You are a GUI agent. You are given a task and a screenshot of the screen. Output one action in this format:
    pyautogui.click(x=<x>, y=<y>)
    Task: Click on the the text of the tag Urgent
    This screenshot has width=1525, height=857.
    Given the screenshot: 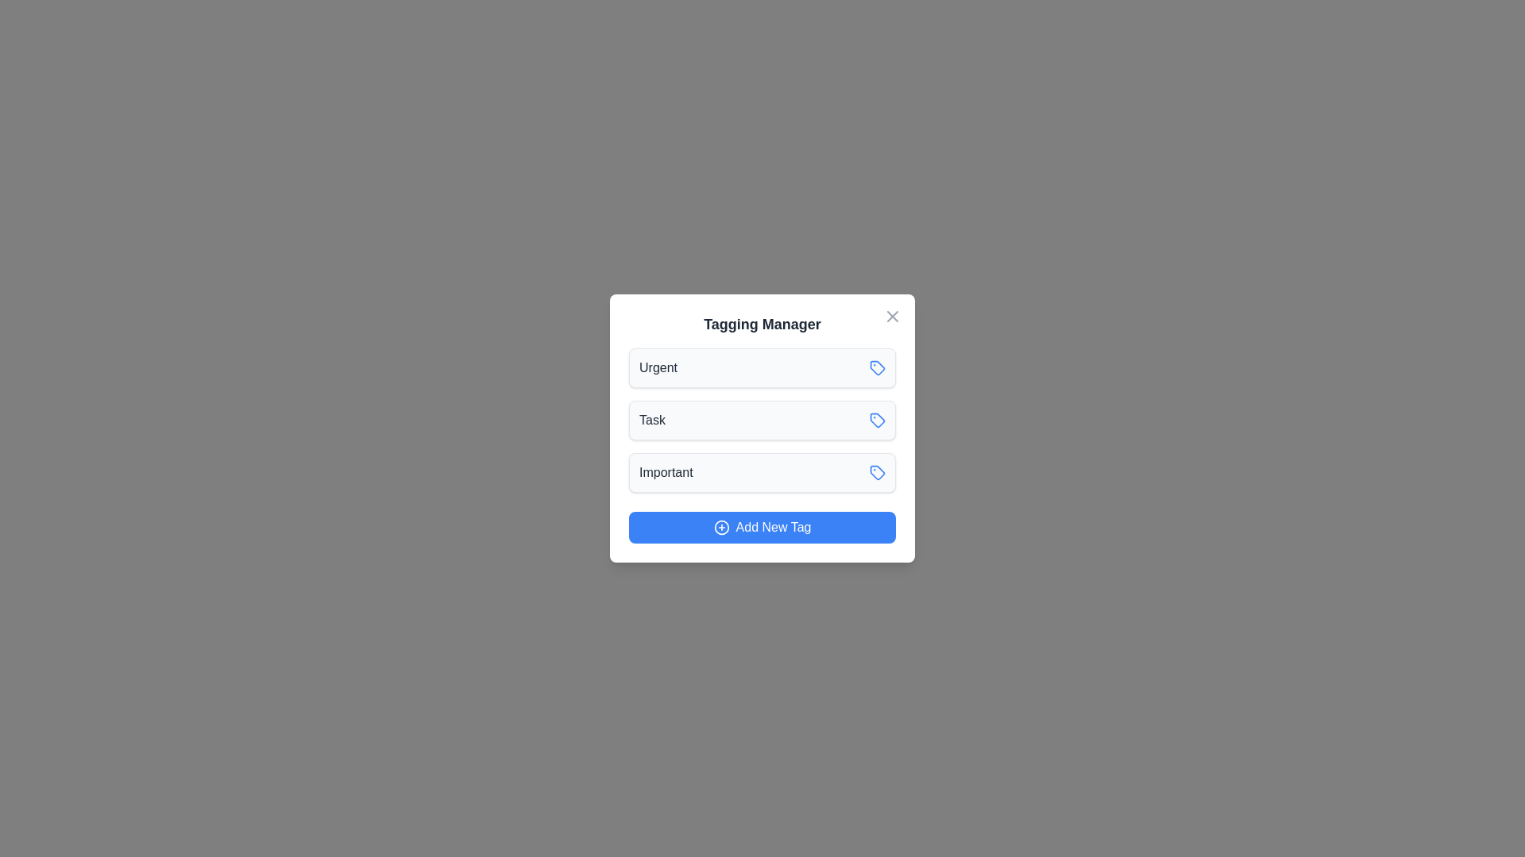 What is the action you would take?
    pyautogui.click(x=658, y=367)
    